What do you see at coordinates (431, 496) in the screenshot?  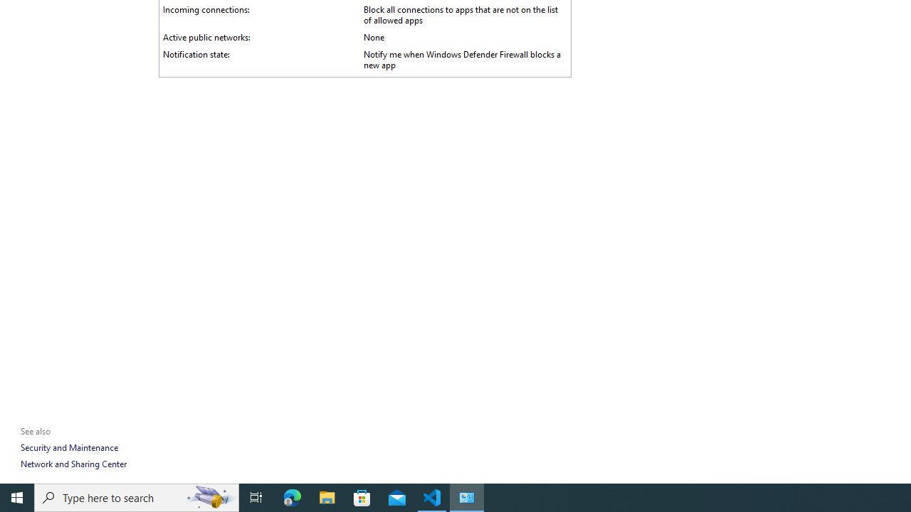 I see `'Visual Studio Code - 1 running window'` at bounding box center [431, 496].